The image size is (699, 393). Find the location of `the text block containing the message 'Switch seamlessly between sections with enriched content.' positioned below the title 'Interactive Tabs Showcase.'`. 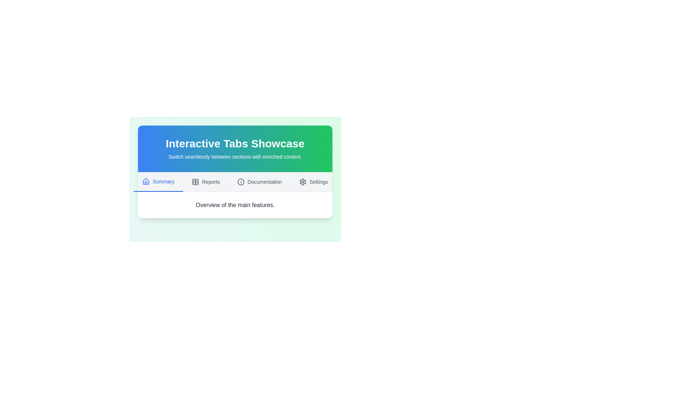

the text block containing the message 'Switch seamlessly between sections with enriched content.' positioned below the title 'Interactive Tabs Showcase.' is located at coordinates (235, 156).